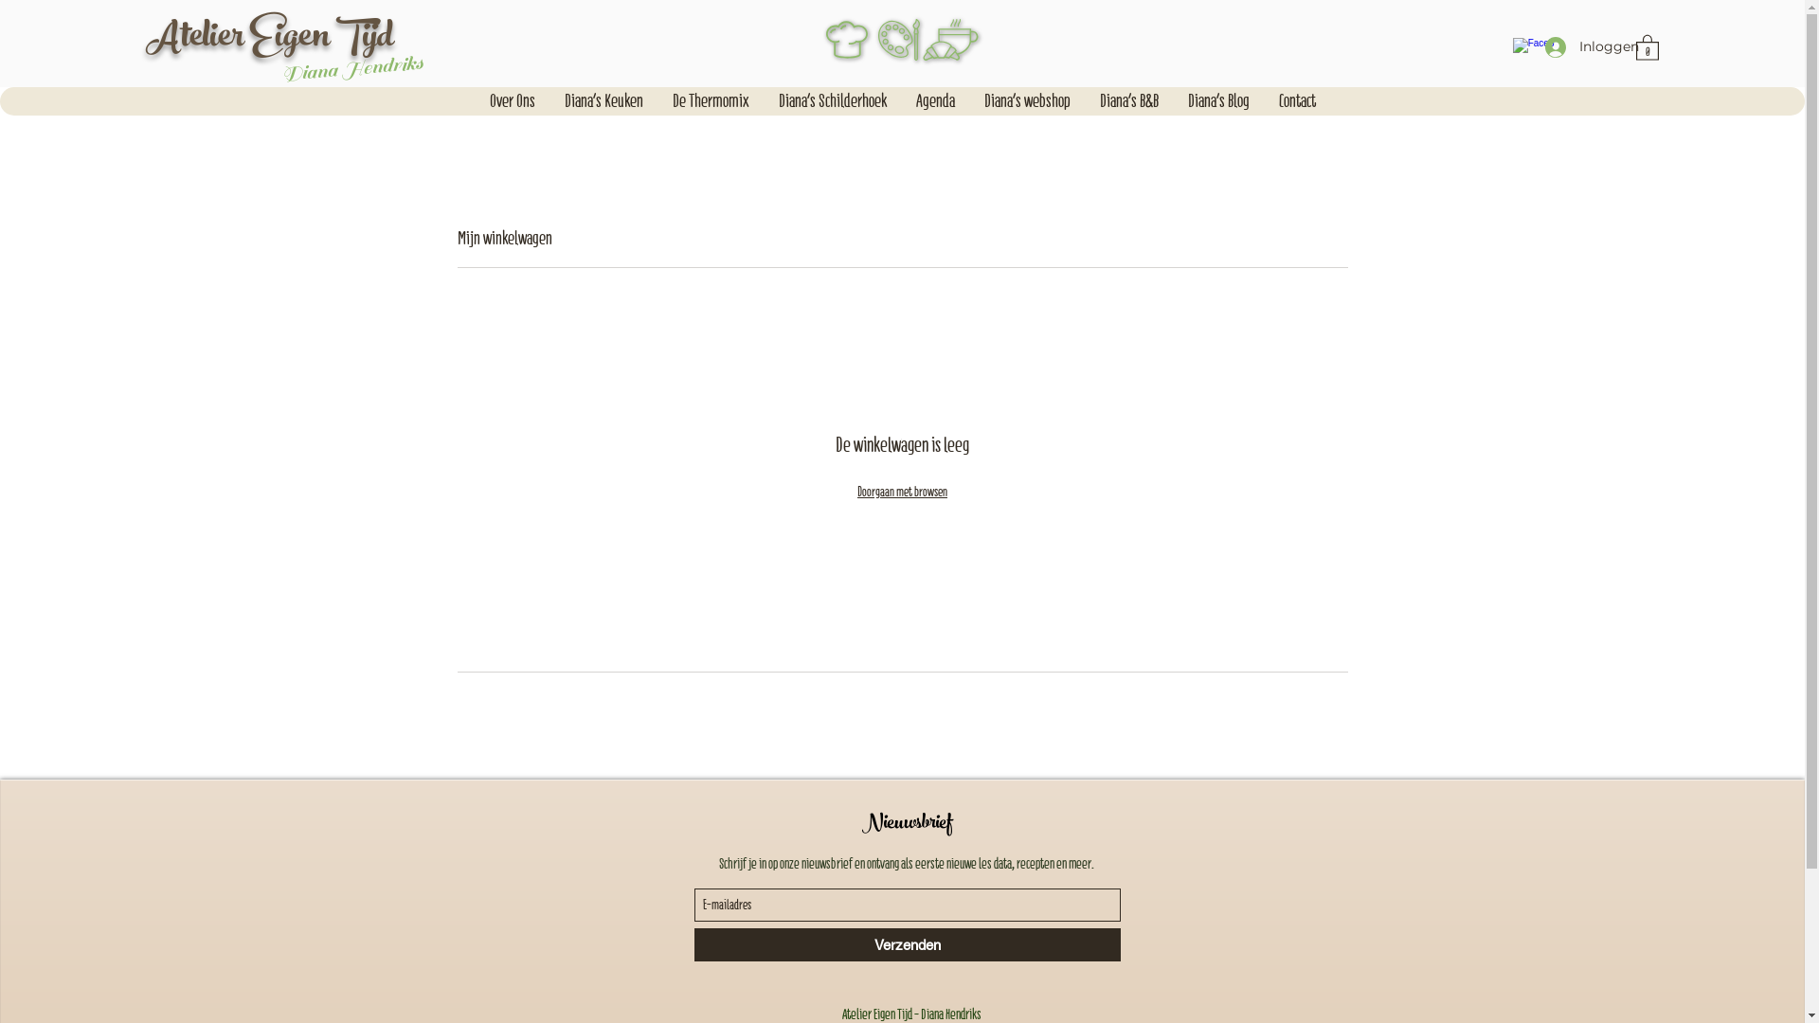  What do you see at coordinates (1218, 101) in the screenshot?
I see `'Diana's Blog'` at bounding box center [1218, 101].